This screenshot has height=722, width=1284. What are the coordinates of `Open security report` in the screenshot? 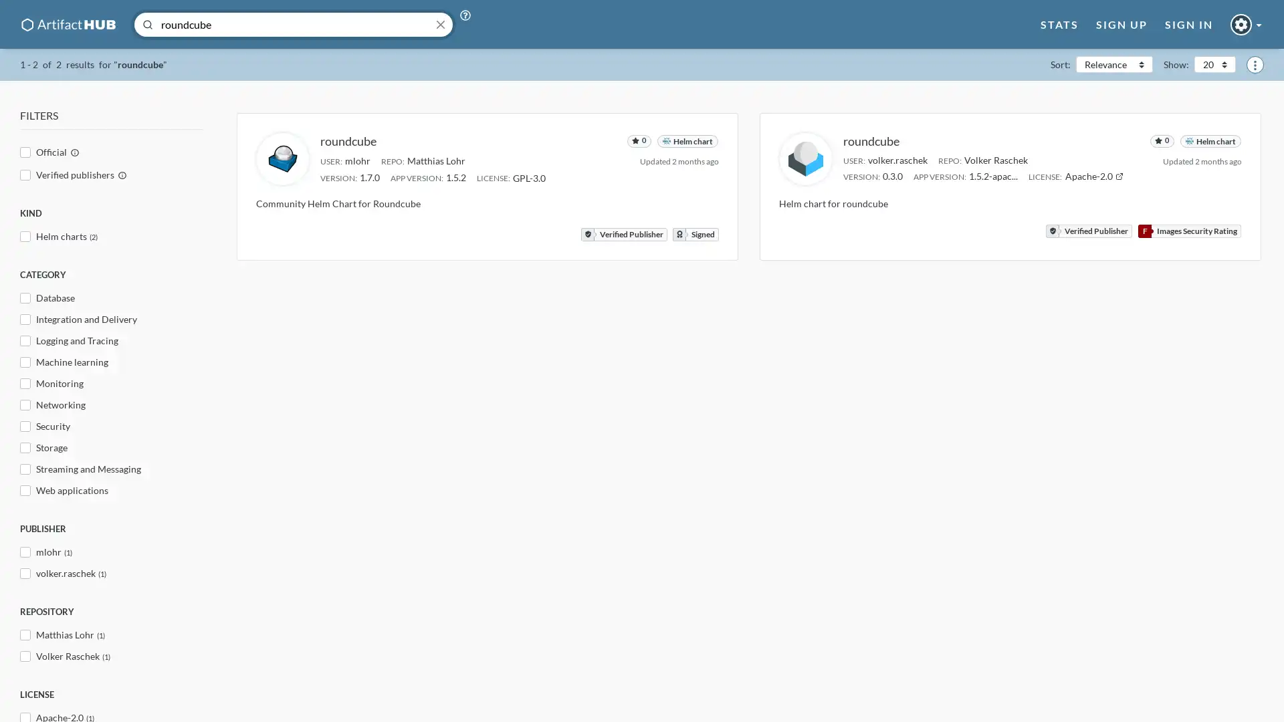 It's located at (1190, 229).